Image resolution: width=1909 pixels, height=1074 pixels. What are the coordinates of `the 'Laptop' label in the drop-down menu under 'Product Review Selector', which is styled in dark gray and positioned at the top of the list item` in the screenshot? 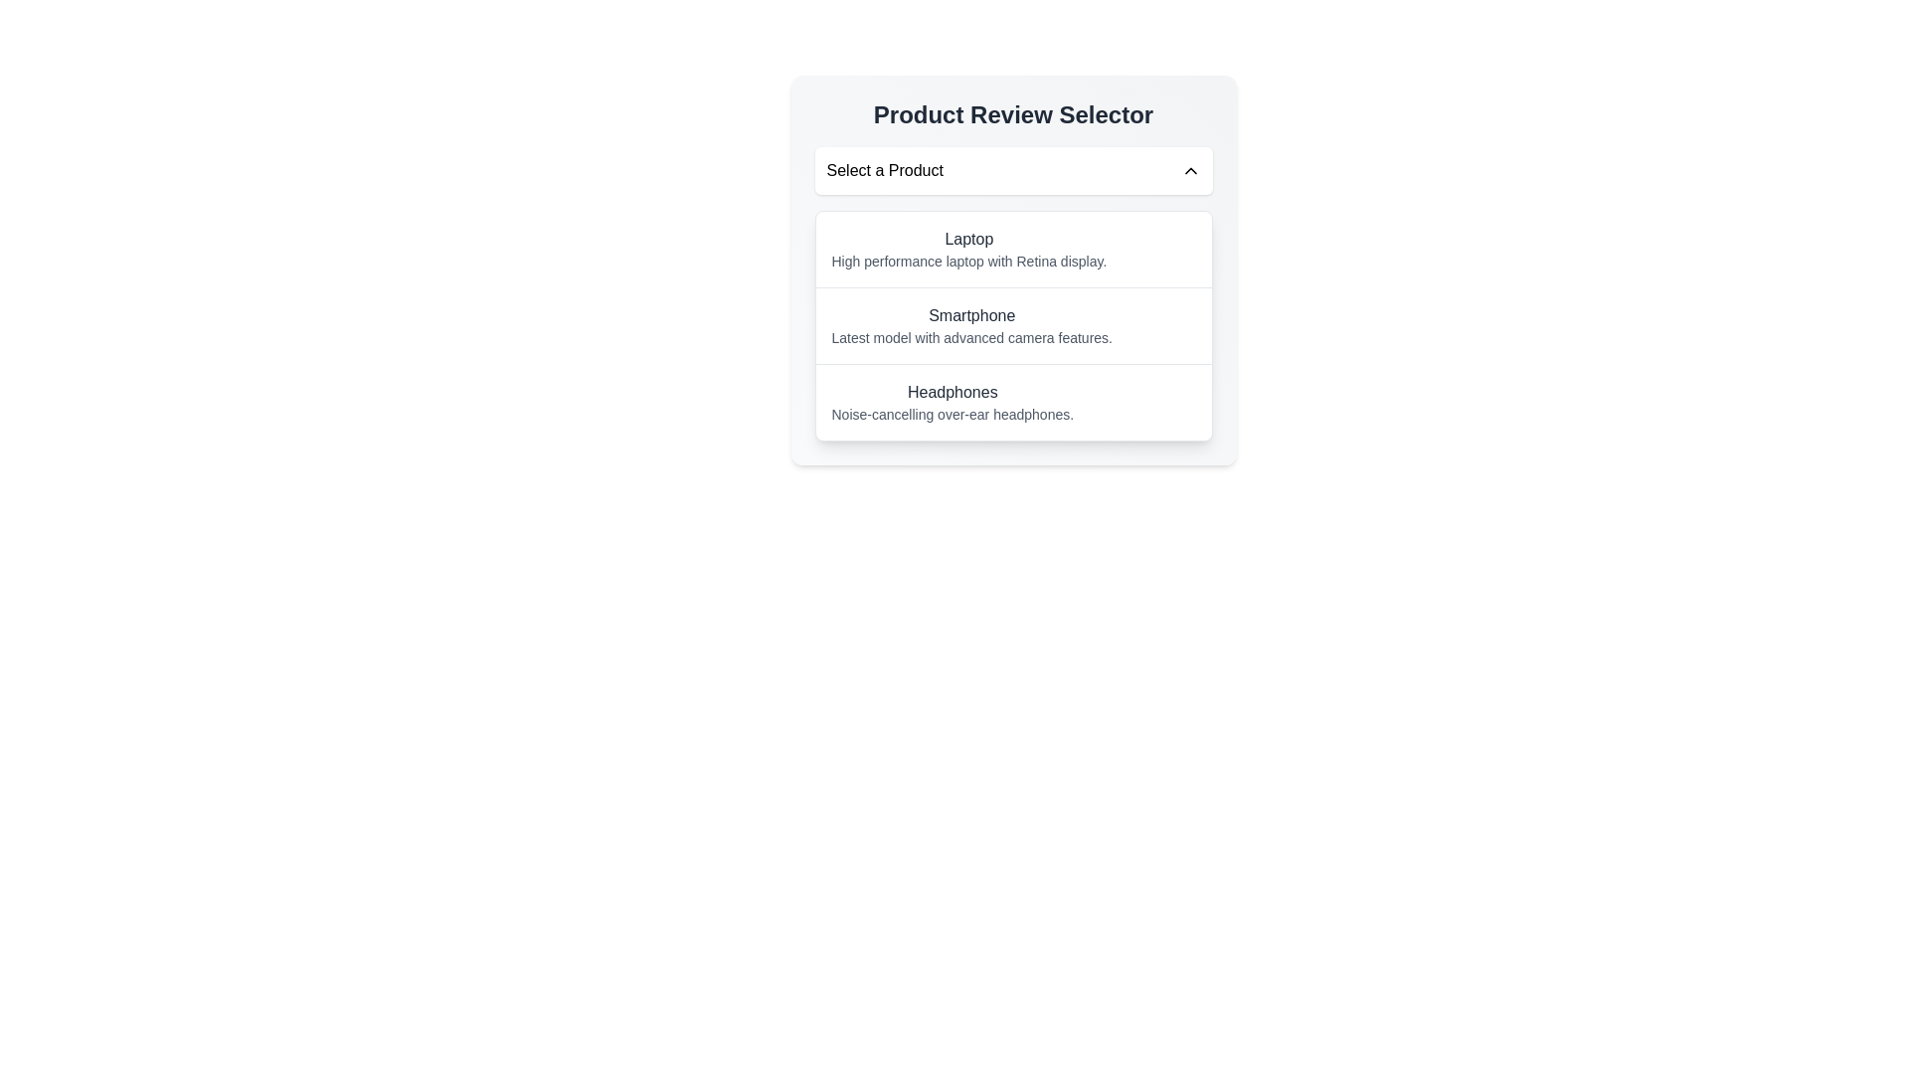 It's located at (968, 238).